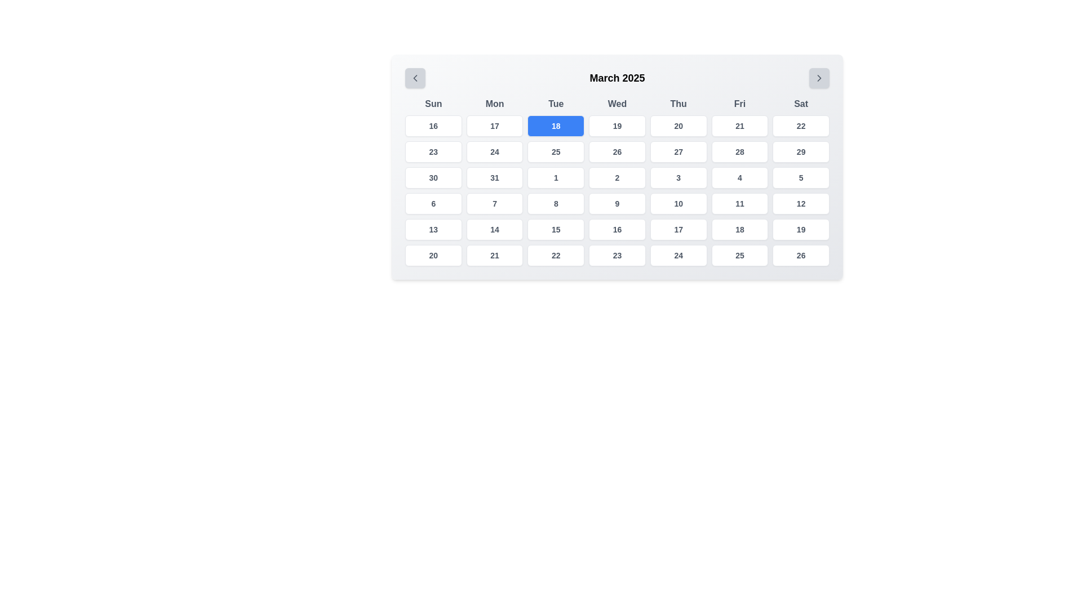  I want to click on the label displaying 'Thu' in a bold, sans-serif font, which is the fifth element in a horizontal row of days of the week within a calendar interface, so click(678, 104).